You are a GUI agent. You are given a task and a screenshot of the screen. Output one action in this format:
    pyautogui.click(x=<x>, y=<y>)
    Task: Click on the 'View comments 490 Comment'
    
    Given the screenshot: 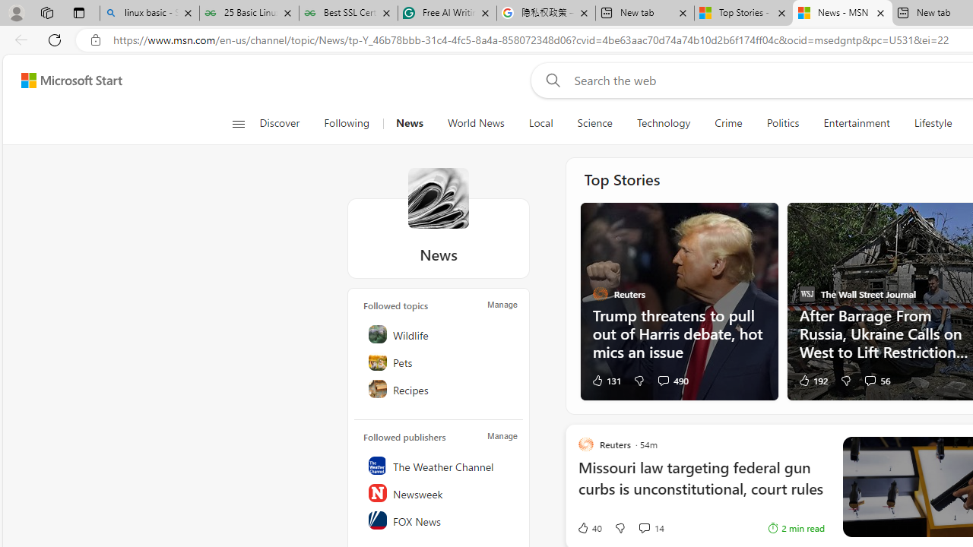 What is the action you would take?
    pyautogui.click(x=663, y=379)
    